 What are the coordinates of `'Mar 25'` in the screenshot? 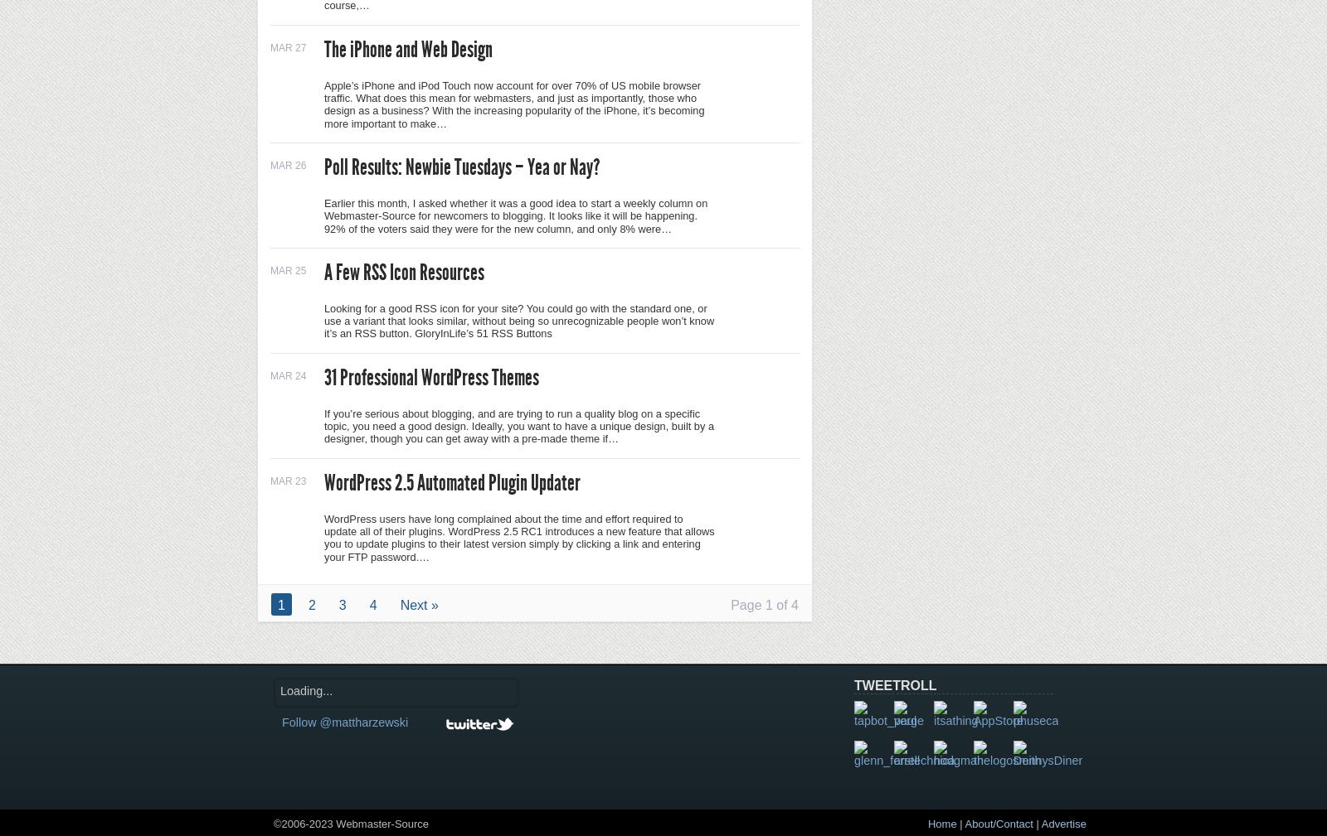 It's located at (288, 269).